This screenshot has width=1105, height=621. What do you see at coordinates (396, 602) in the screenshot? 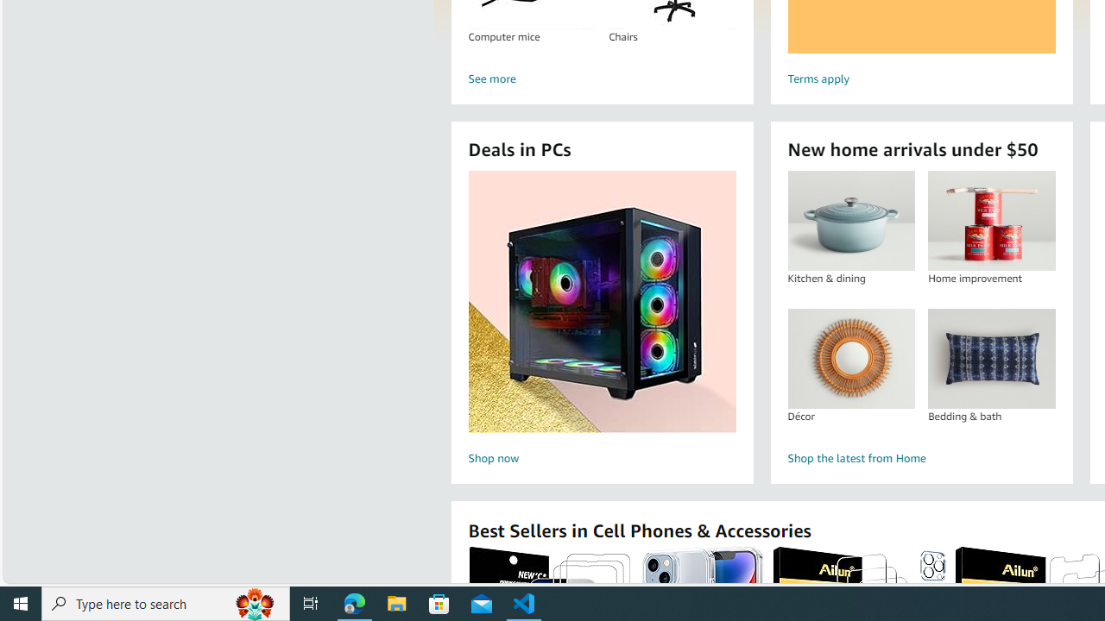
I see `'File Explorer'` at bounding box center [396, 602].